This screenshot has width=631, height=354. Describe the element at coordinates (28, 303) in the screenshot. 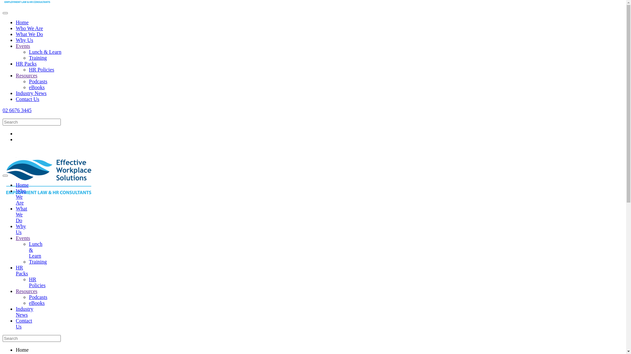

I see `'eBooks'` at that location.